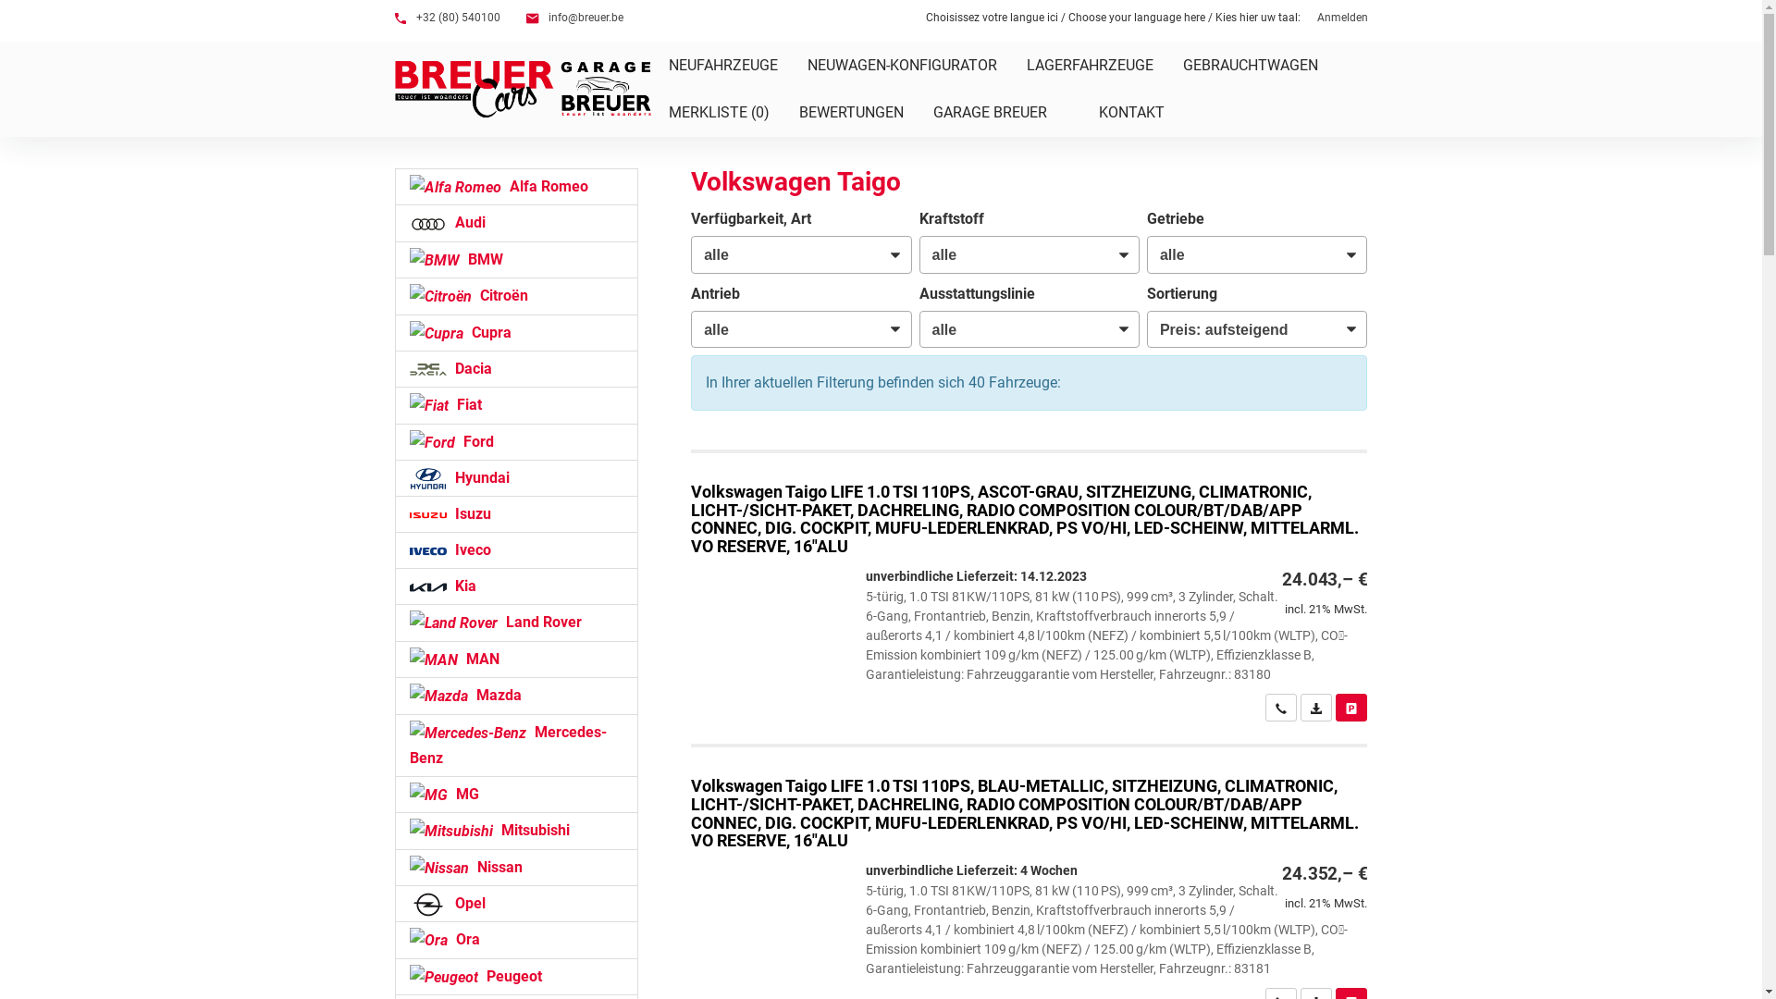 This screenshot has height=999, width=1776. What do you see at coordinates (515, 659) in the screenshot?
I see `'MAN'` at bounding box center [515, 659].